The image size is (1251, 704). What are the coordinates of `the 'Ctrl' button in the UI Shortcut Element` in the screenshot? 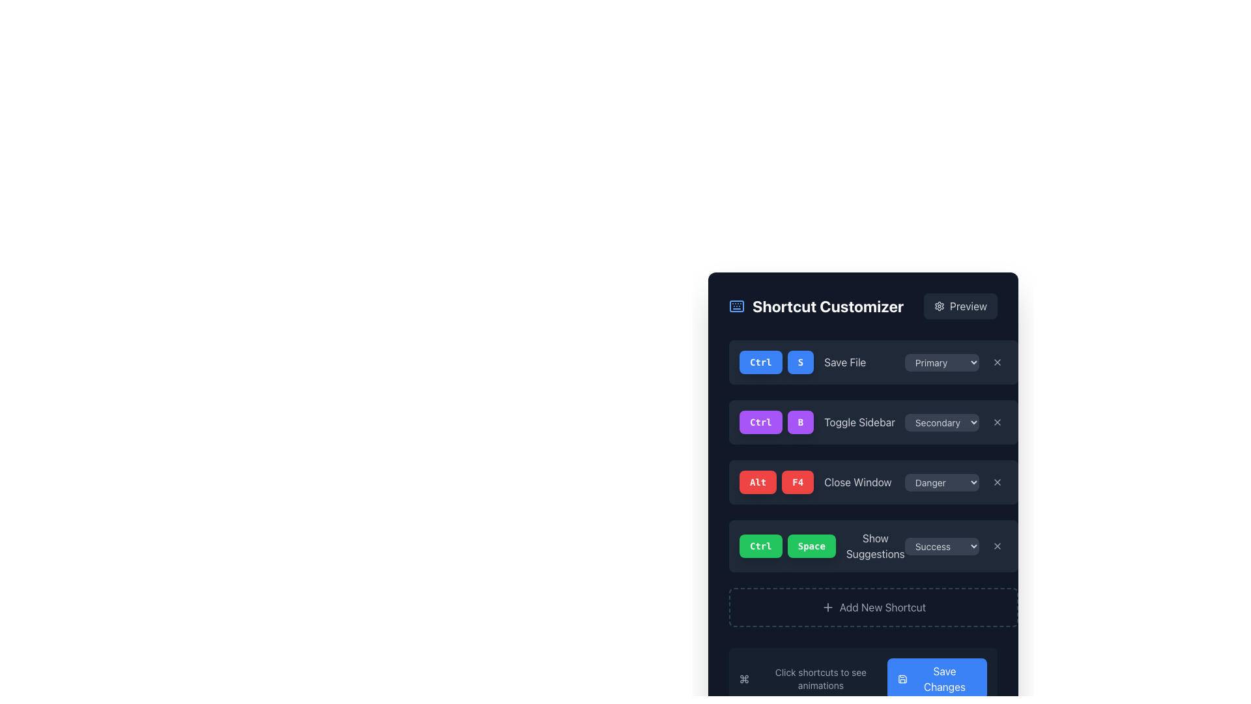 It's located at (802, 362).